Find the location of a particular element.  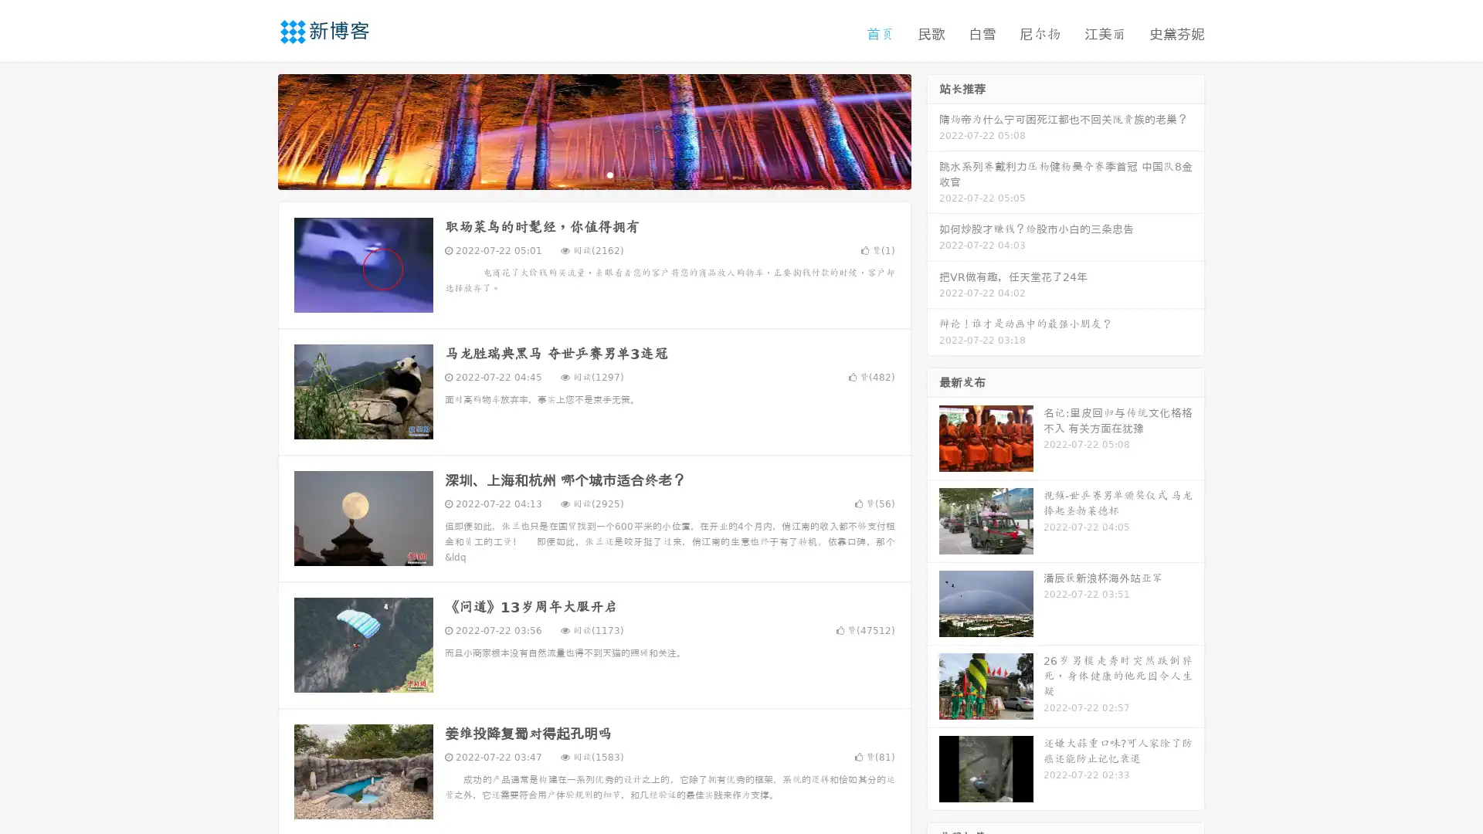

Go to slide 1 is located at coordinates (578, 174).